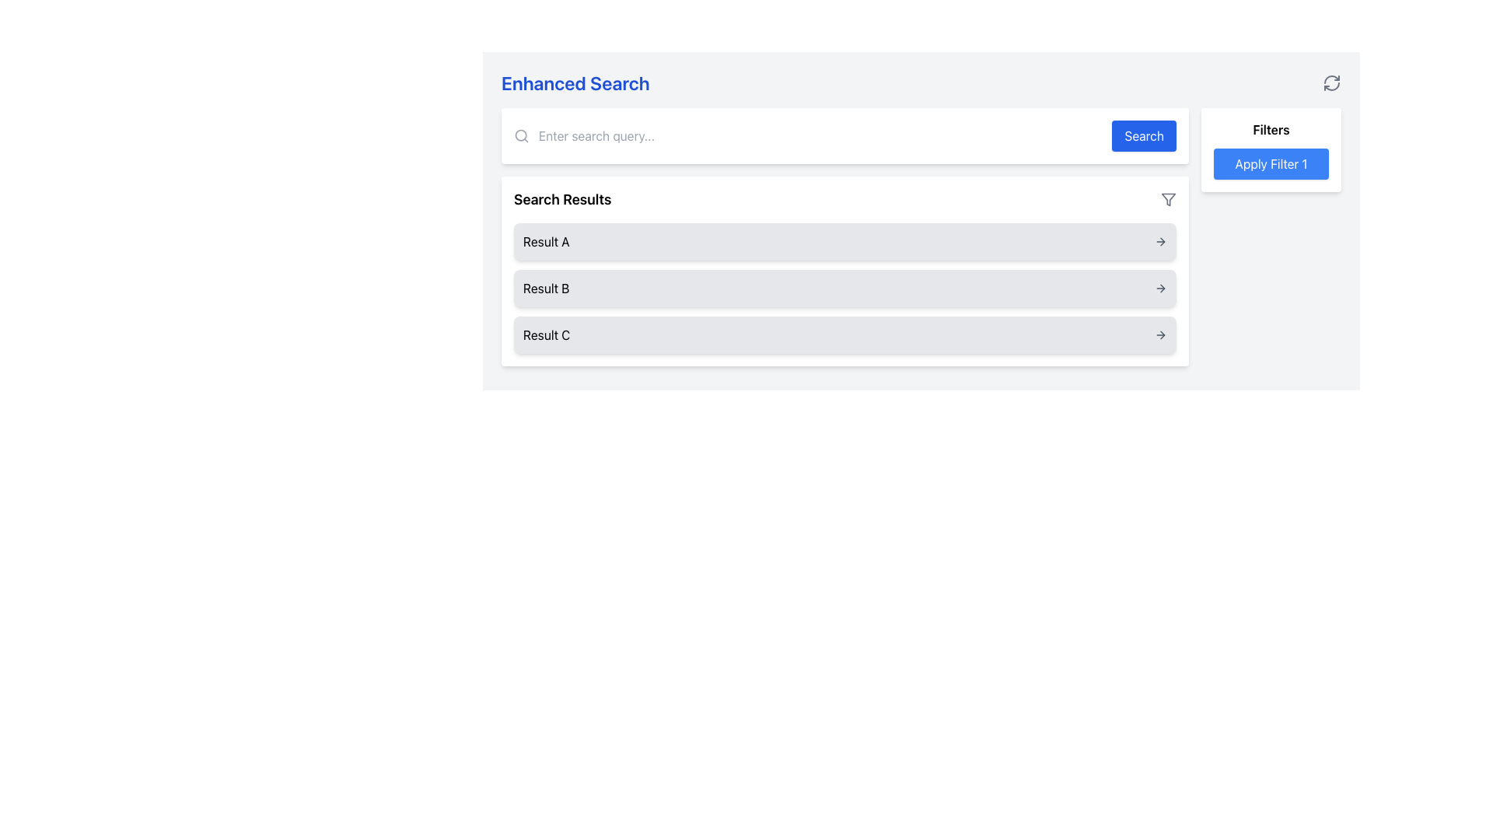 The width and height of the screenshot is (1493, 840). What do you see at coordinates (1160, 334) in the screenshot?
I see `the navigation icon located at the rightmost position of the third row, adjacent to the text 'Result C'` at bounding box center [1160, 334].